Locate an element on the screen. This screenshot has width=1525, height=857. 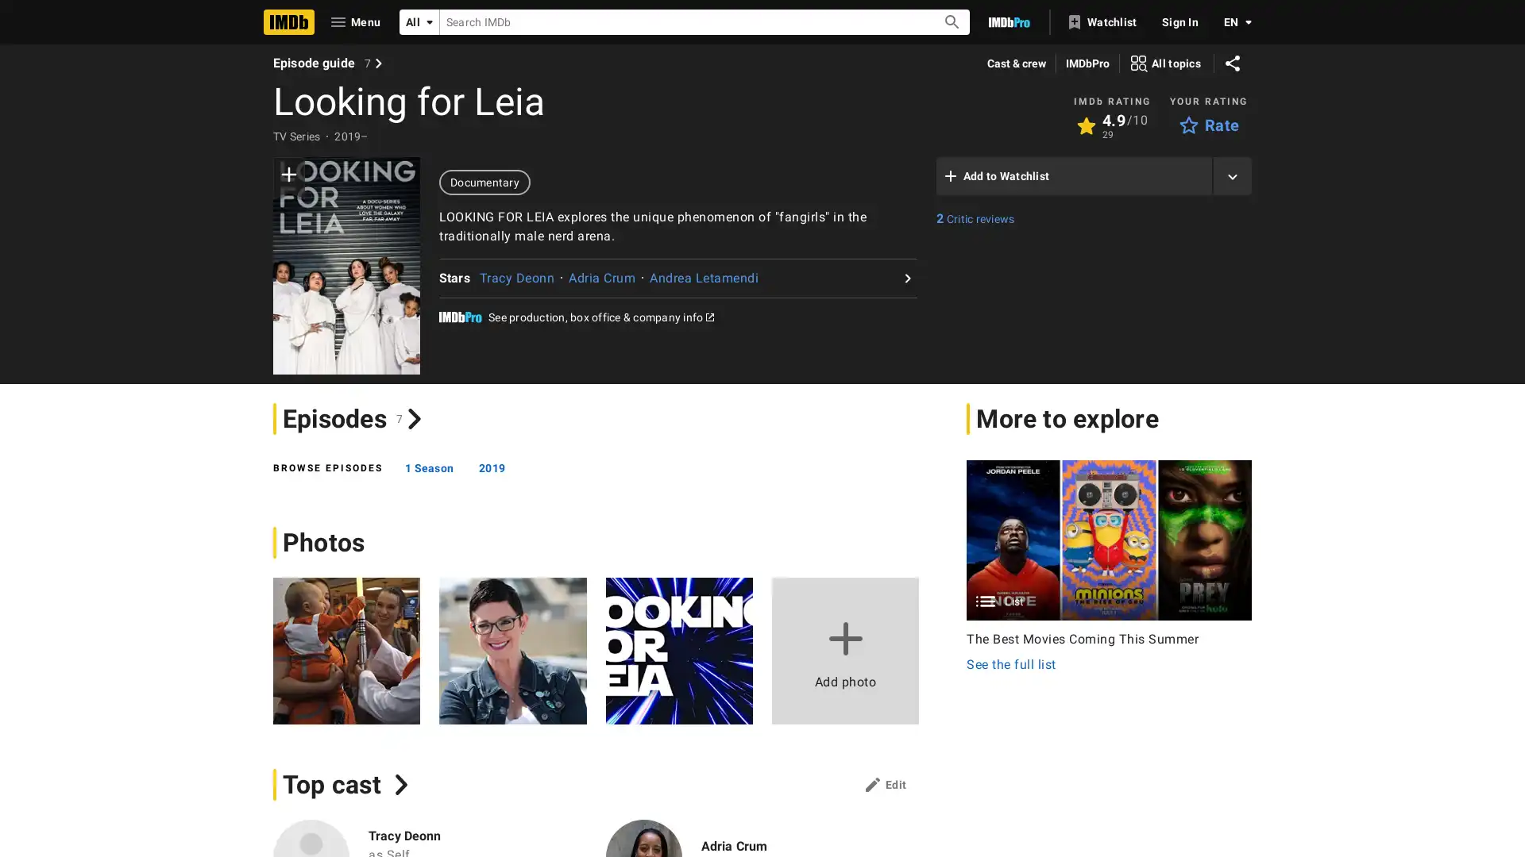
All is located at coordinates (419, 21).